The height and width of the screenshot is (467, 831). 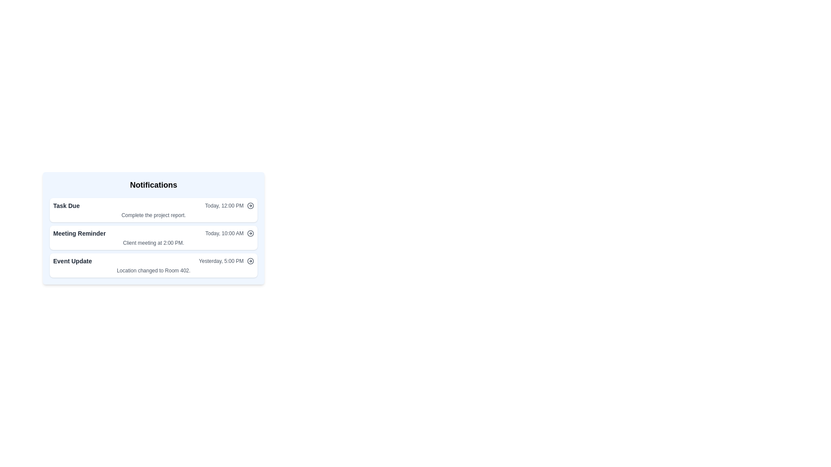 I want to click on the actionable icon located in the rightmost section of the third notification item labeled 'Event Update', so click(x=250, y=261).